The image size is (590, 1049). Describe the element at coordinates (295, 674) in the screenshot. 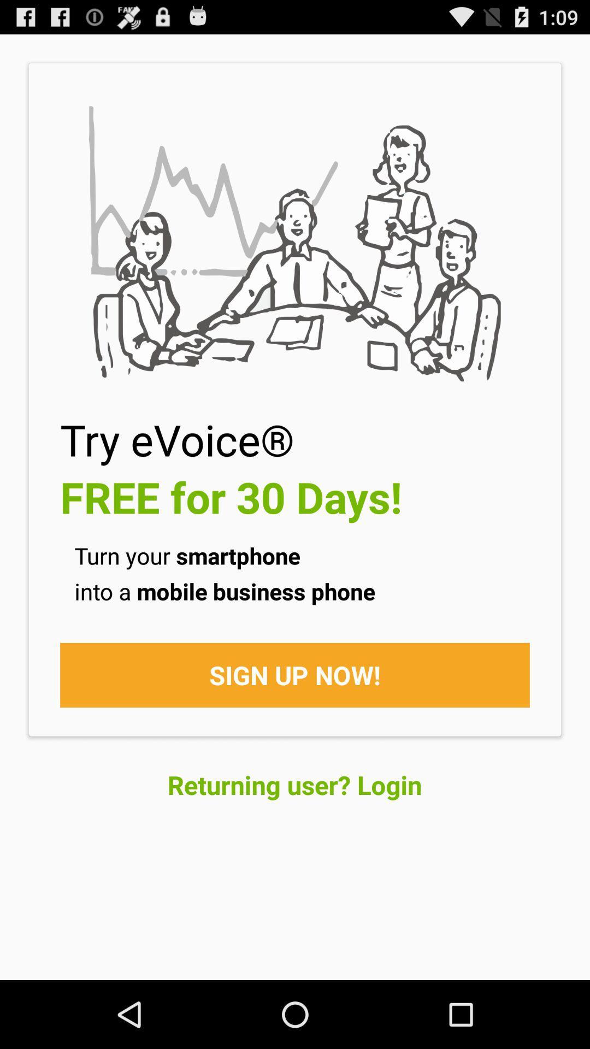

I see `the sign up now!` at that location.